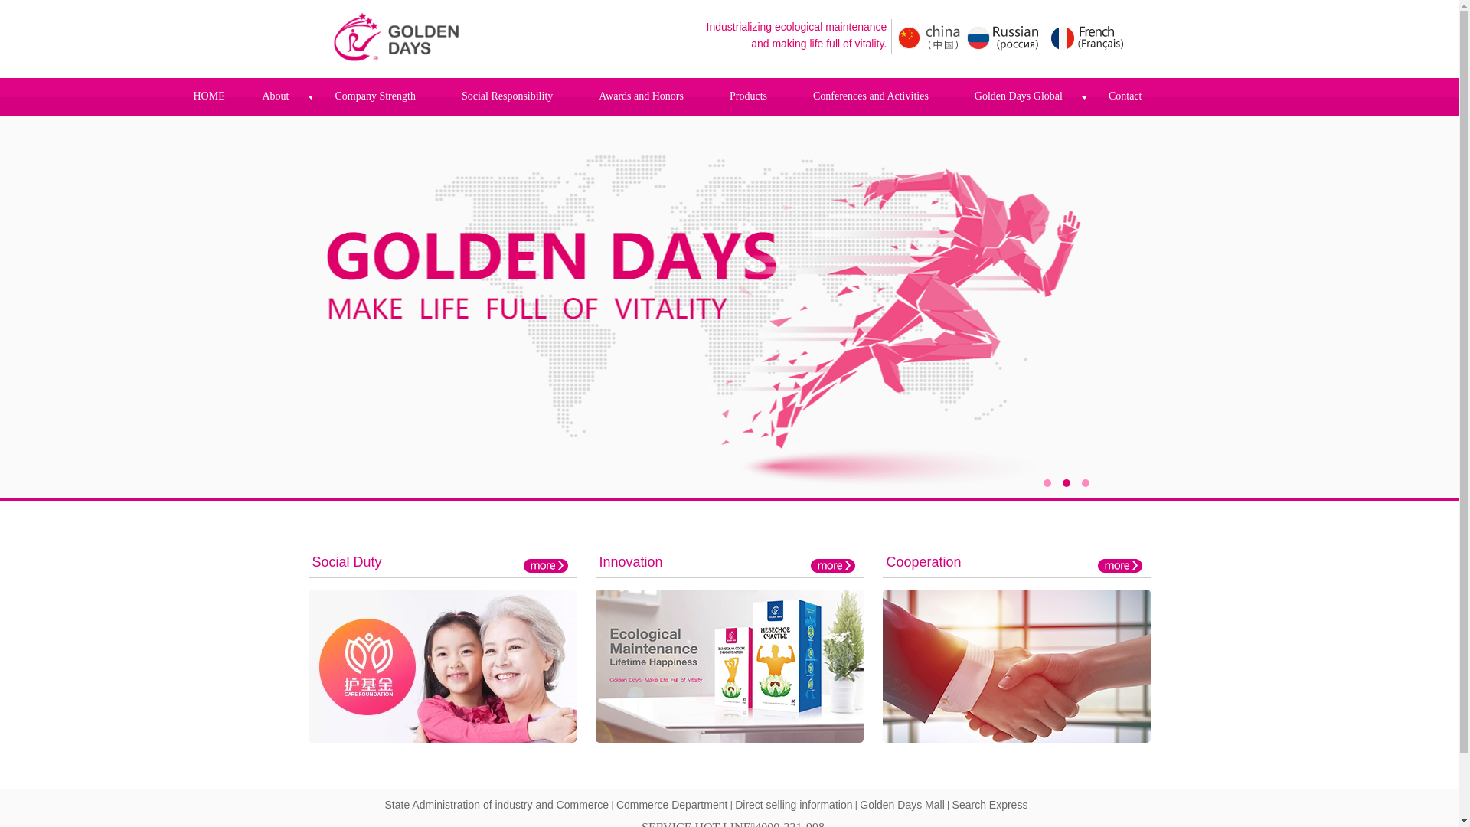  I want to click on 'Company Strength', so click(375, 96).